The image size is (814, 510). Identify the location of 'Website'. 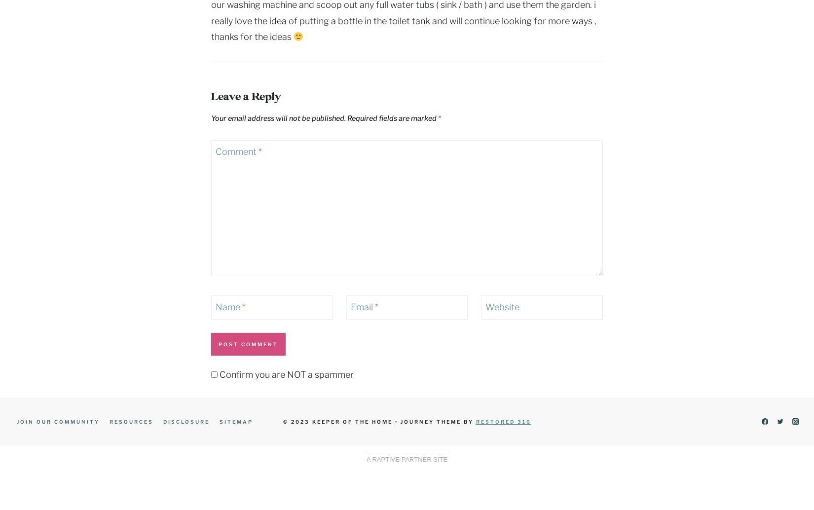
(502, 307).